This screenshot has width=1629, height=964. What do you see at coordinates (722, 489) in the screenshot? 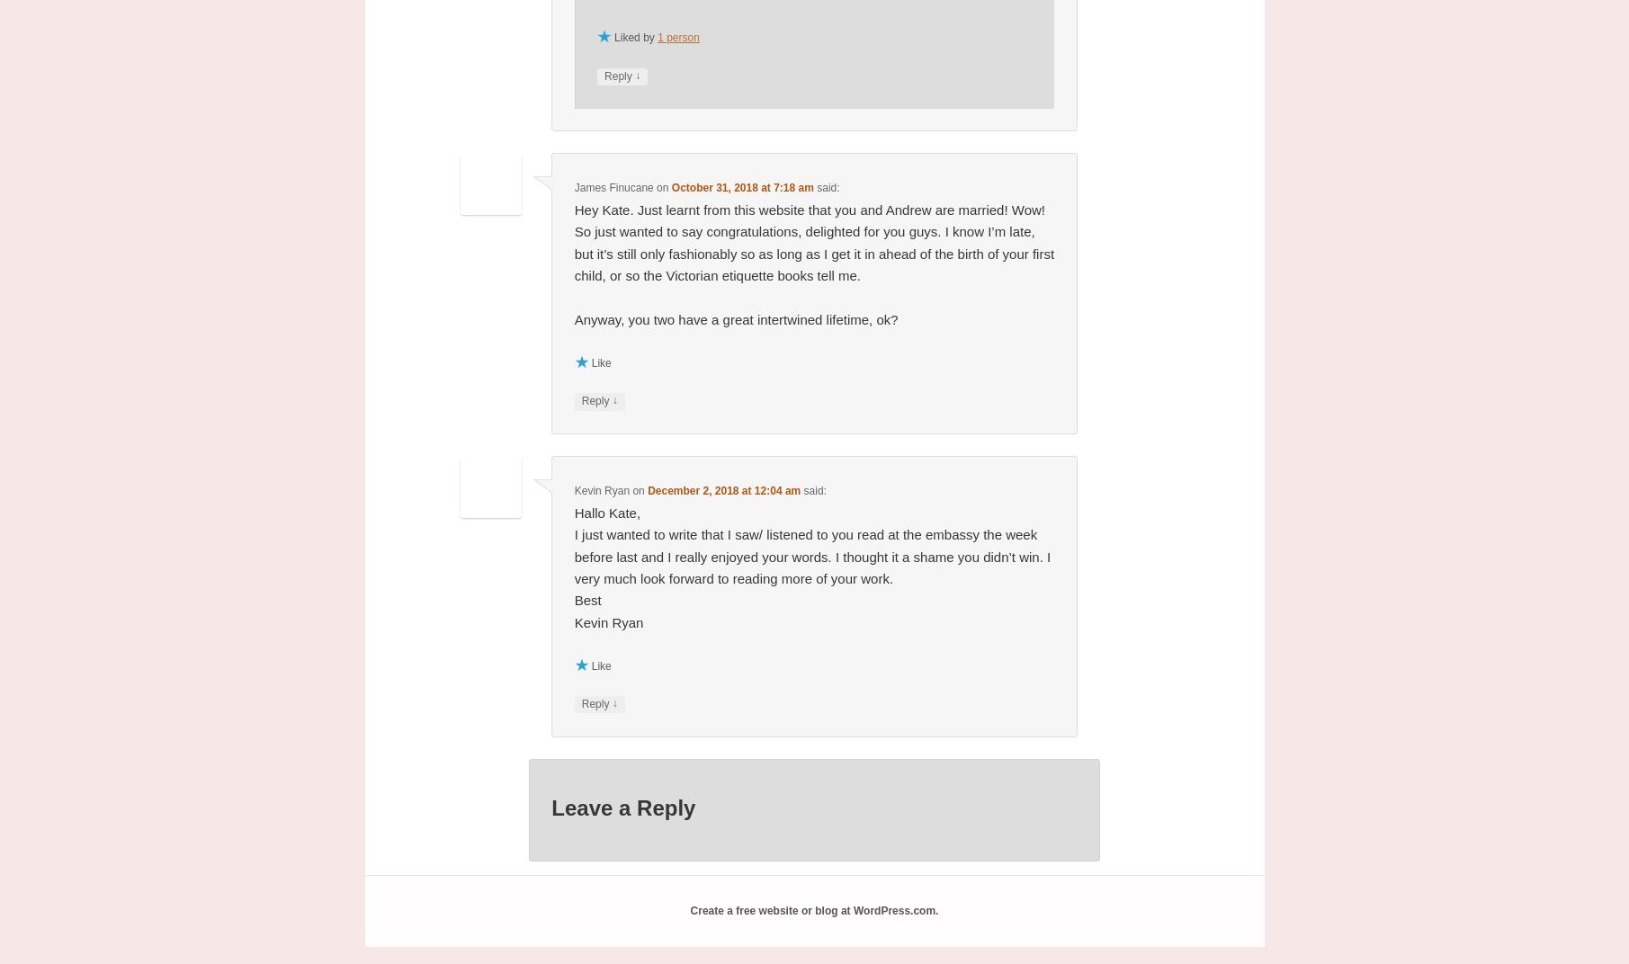
I see `'December 2, 2018 at 12:04 am'` at bounding box center [722, 489].